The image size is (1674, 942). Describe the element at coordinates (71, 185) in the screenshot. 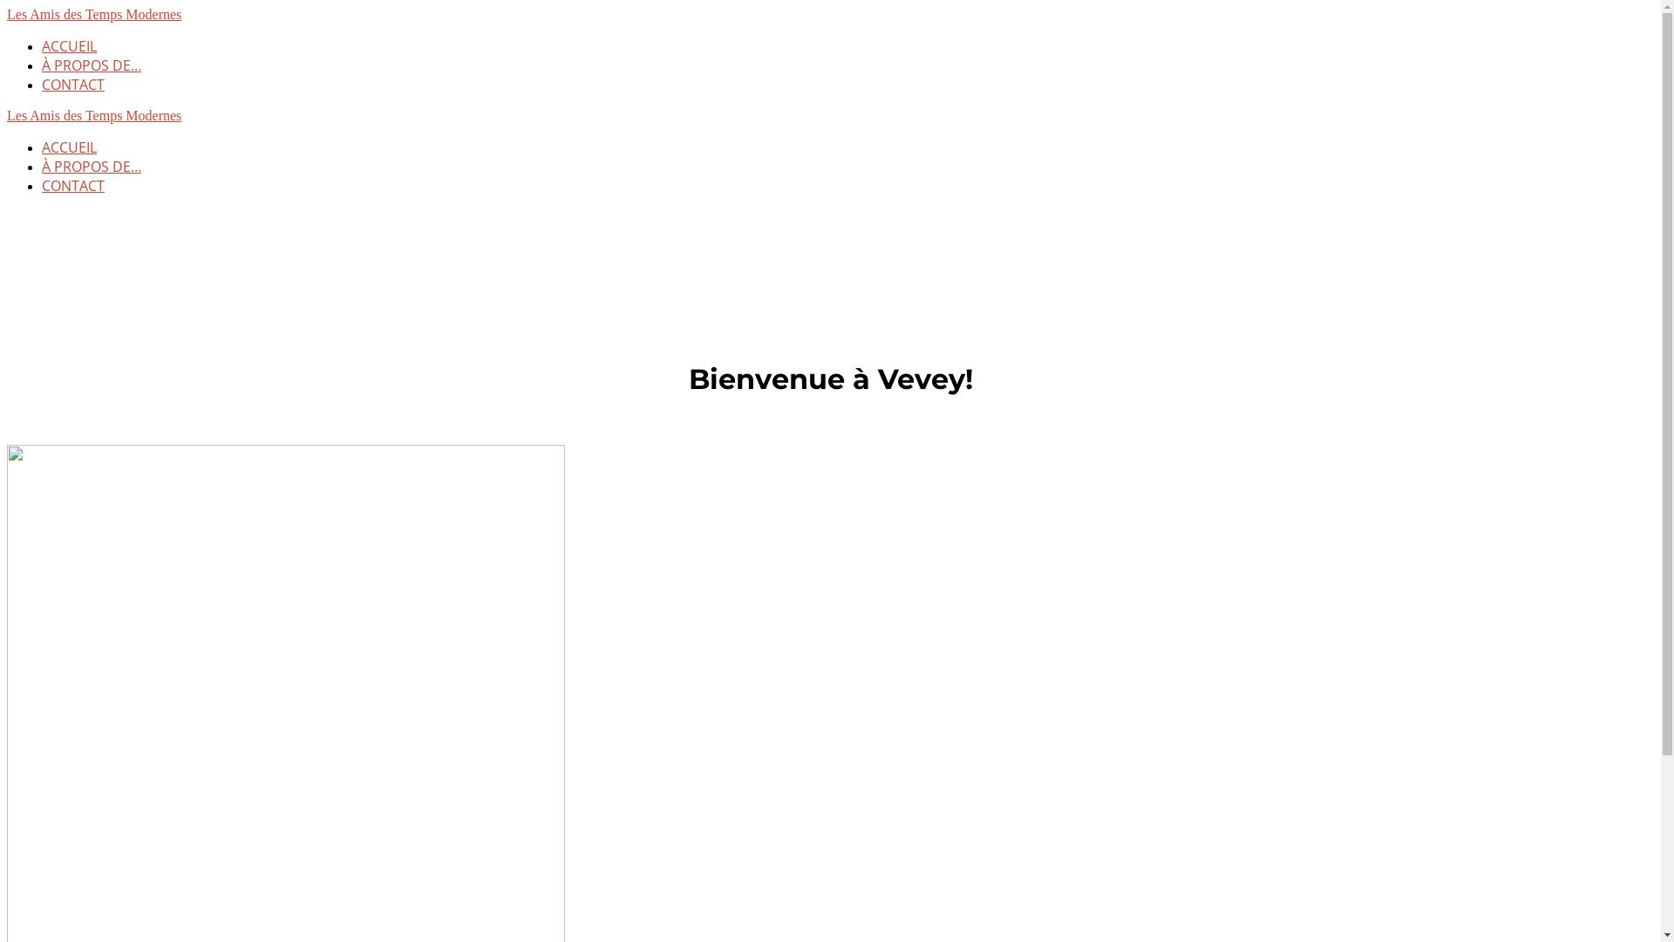

I see `'CONTACT'` at that location.